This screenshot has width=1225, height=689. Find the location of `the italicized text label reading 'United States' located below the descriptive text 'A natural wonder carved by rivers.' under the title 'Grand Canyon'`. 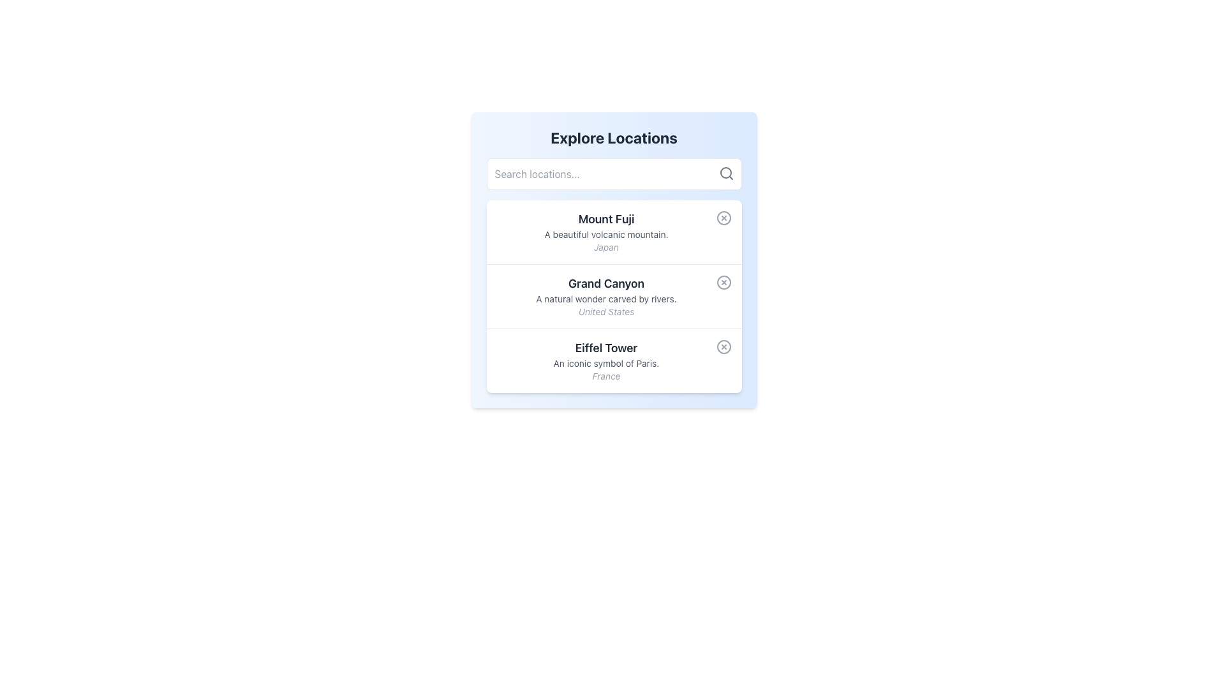

the italicized text label reading 'United States' located below the descriptive text 'A natural wonder carved by rivers.' under the title 'Grand Canyon' is located at coordinates (605, 312).